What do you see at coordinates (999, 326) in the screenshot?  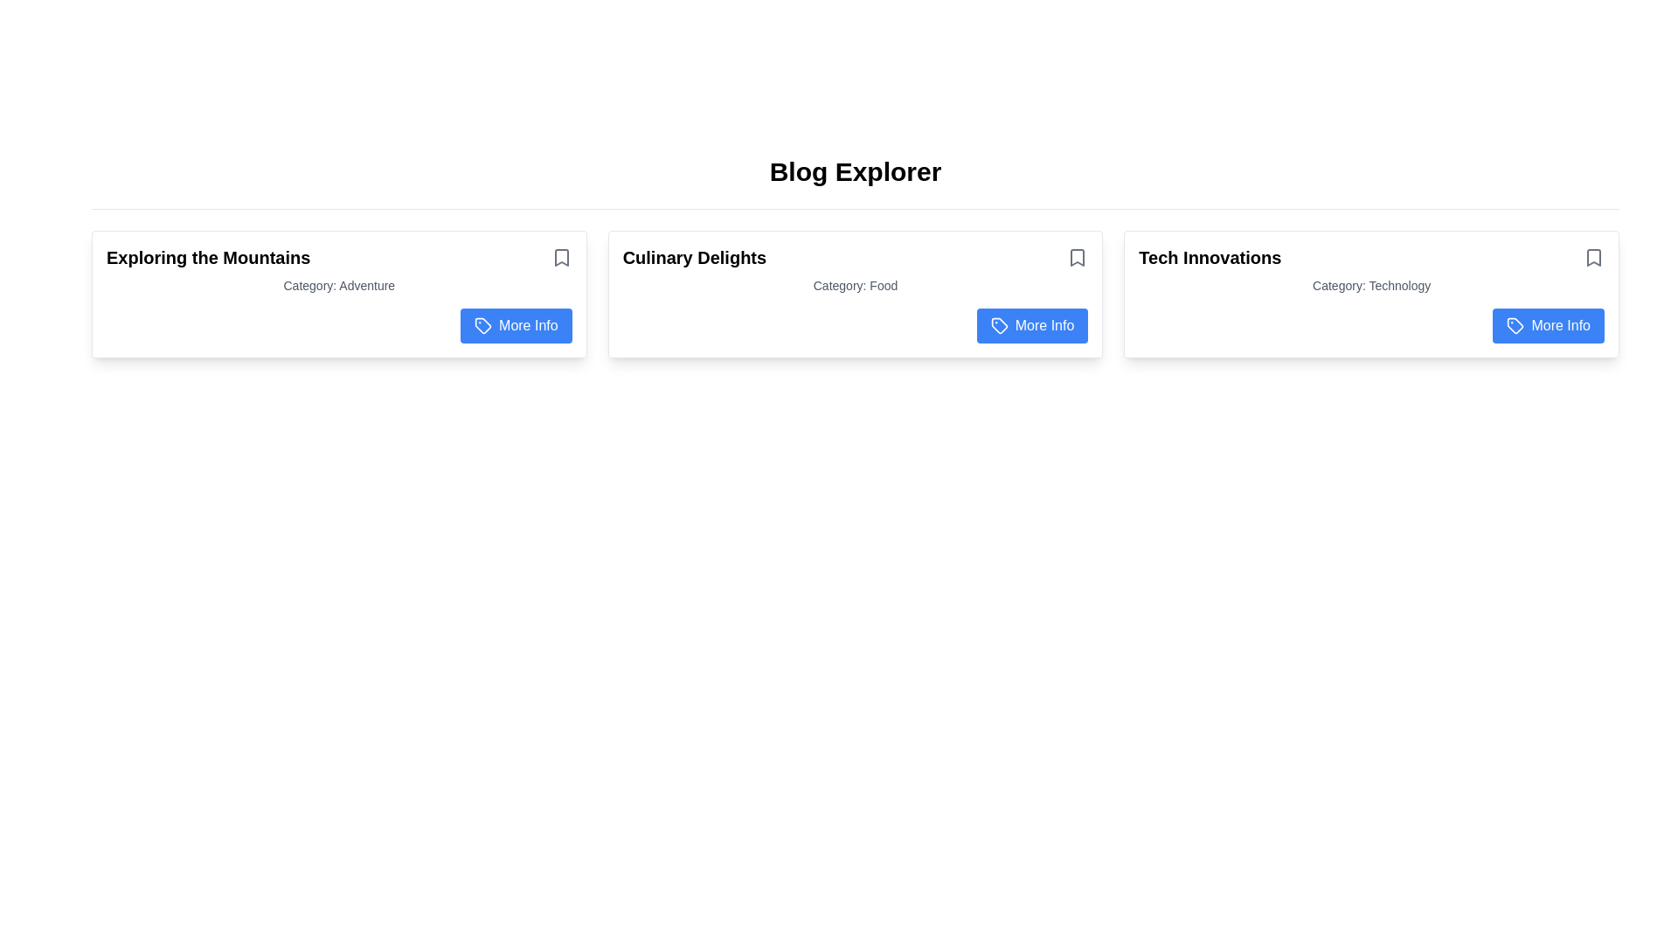 I see `the 'More Info' icon within the second card labeled 'Culinary Delights'` at bounding box center [999, 326].